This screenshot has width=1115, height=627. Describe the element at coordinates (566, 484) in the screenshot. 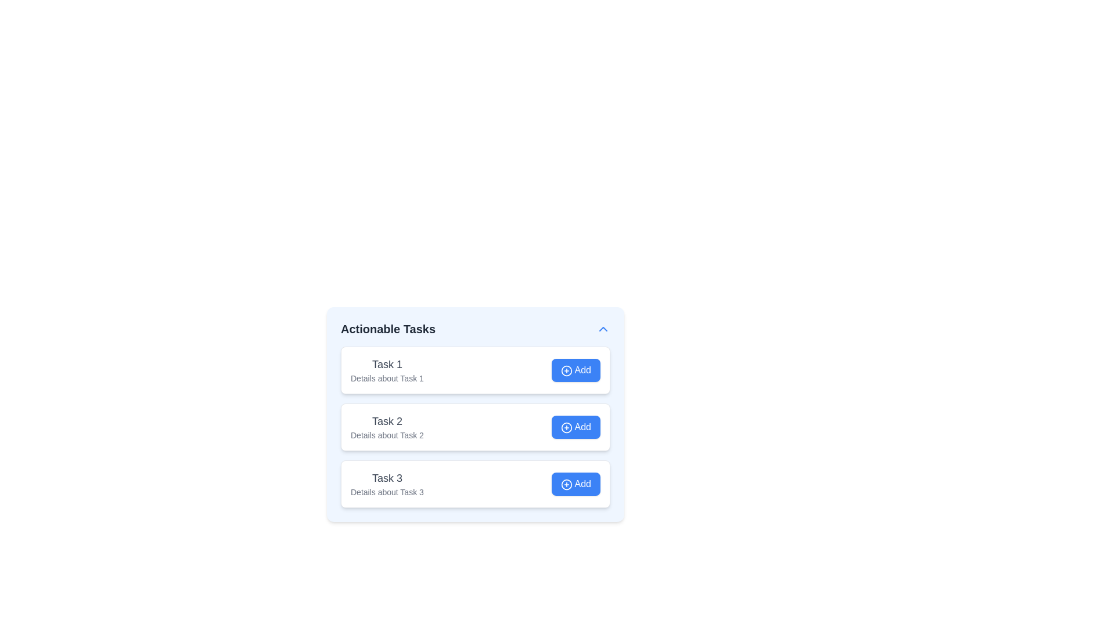

I see `the circular outline icon containing a plus symbol, which serves as the visual representation of the 'Add' button for 'Task 3'` at that location.